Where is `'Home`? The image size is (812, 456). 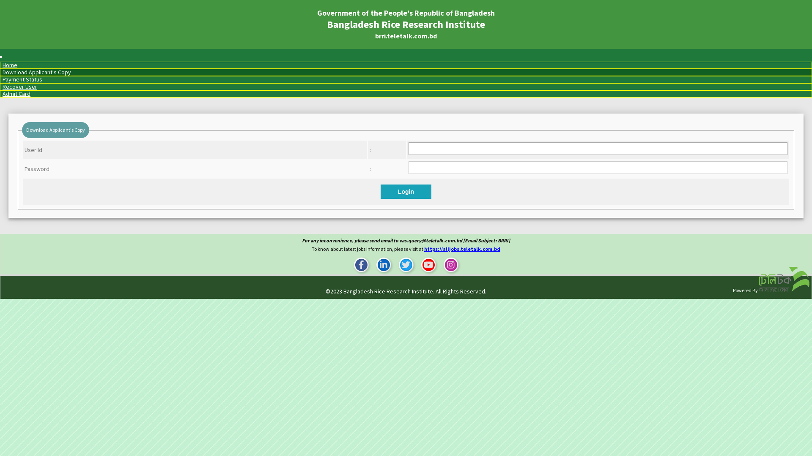
'Home is located at coordinates (10, 65).